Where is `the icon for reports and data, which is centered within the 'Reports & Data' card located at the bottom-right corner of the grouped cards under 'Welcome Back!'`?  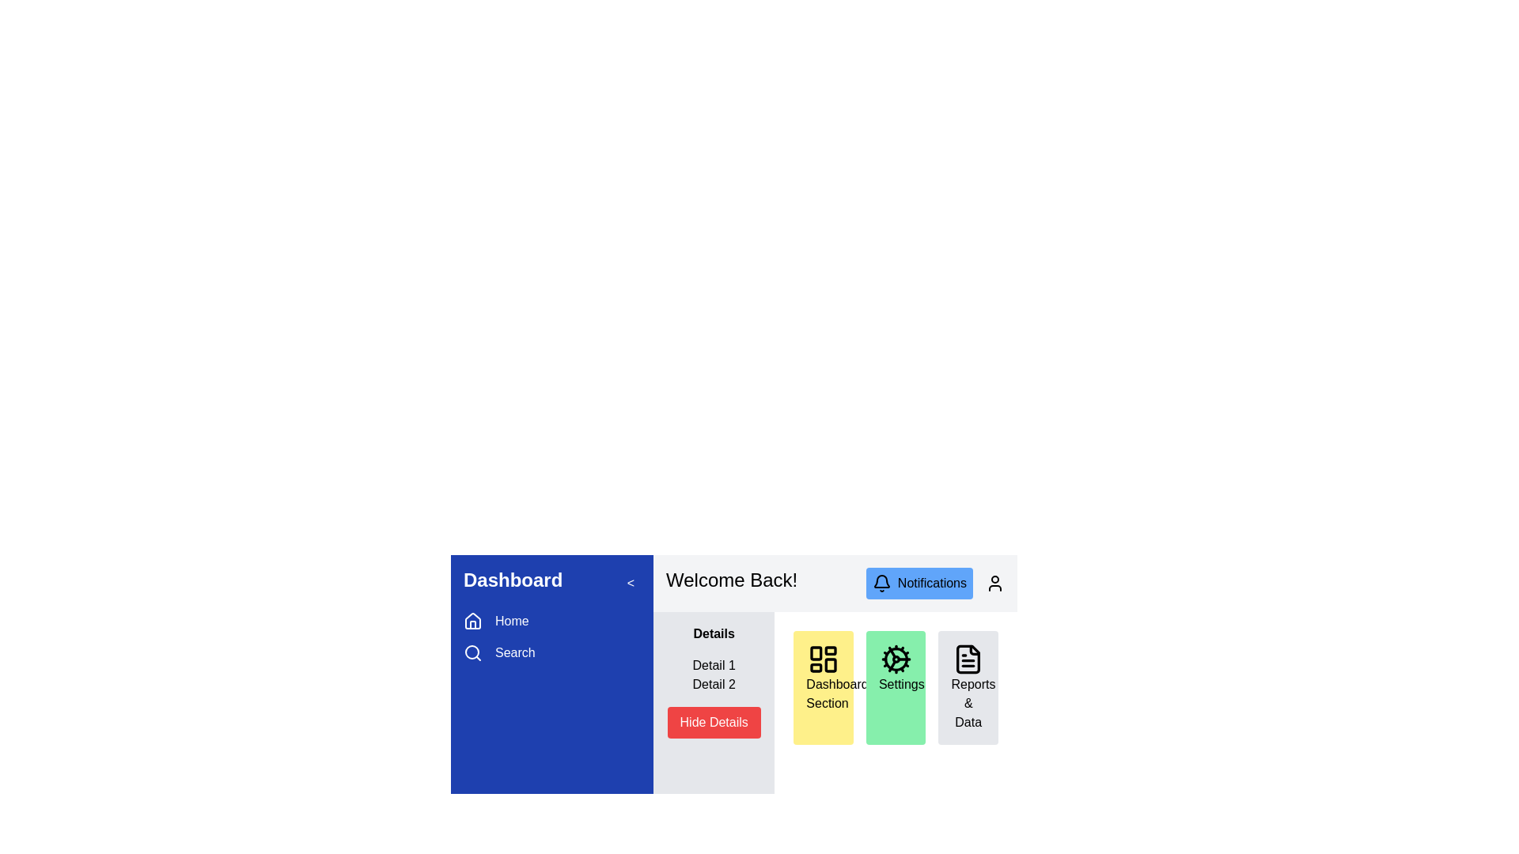 the icon for reports and data, which is centered within the 'Reports & Data' card located at the bottom-right corner of the grouped cards under 'Welcome Back!' is located at coordinates (968, 659).